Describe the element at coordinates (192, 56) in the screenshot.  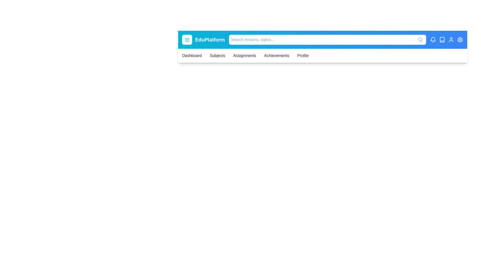
I see `the Dashboard link in the navigation bar to navigate to the corresponding section` at that location.